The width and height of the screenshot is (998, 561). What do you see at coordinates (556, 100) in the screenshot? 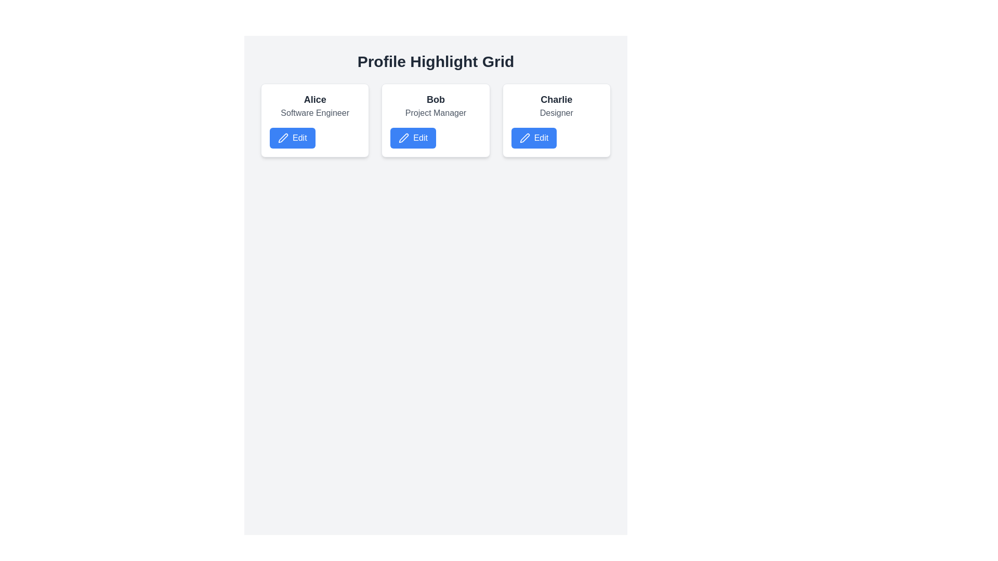
I see `the text label displaying 'Charlie' which is positioned at the top of the rightmost card in a horizontal grid layout` at bounding box center [556, 100].